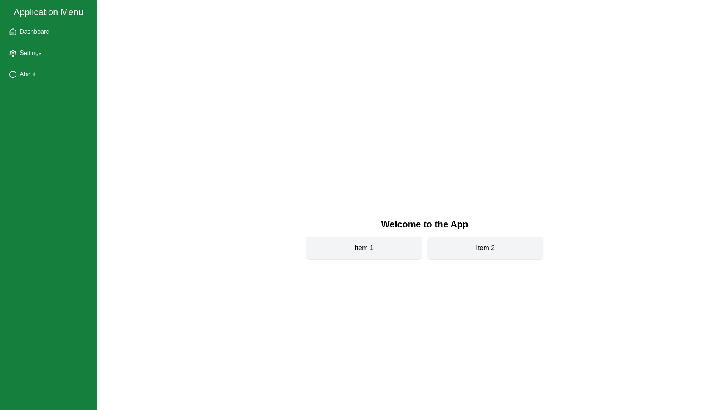 Image resolution: width=728 pixels, height=410 pixels. Describe the element at coordinates (364, 248) in the screenshot. I see `the 'Item 1' card to interact with it` at that location.